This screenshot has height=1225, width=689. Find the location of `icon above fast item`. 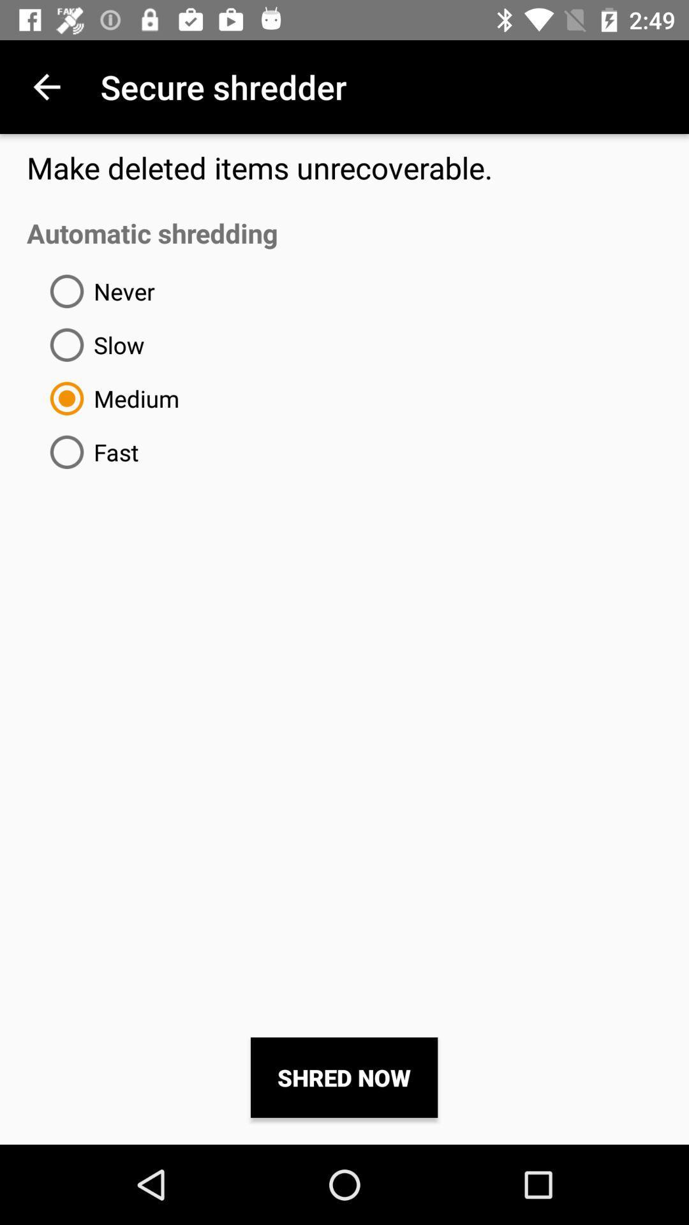

icon above fast item is located at coordinates (109, 397).